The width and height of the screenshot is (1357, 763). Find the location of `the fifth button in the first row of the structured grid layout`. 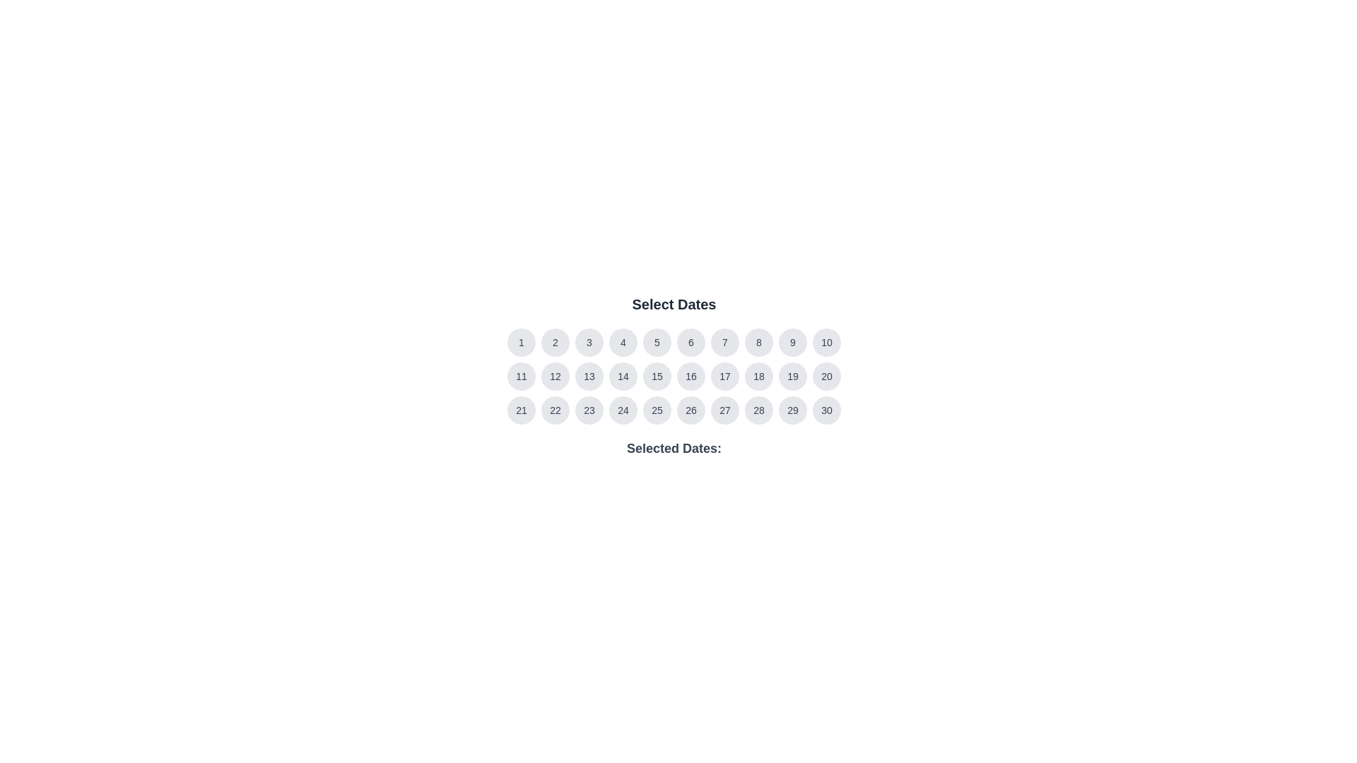

the fifth button in the first row of the structured grid layout is located at coordinates (657, 343).